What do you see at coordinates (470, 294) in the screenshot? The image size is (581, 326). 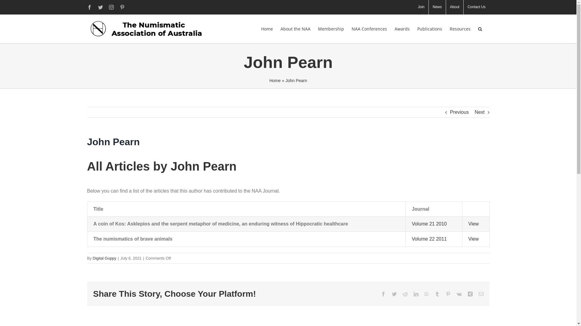 I see `'Xing'` at bounding box center [470, 294].